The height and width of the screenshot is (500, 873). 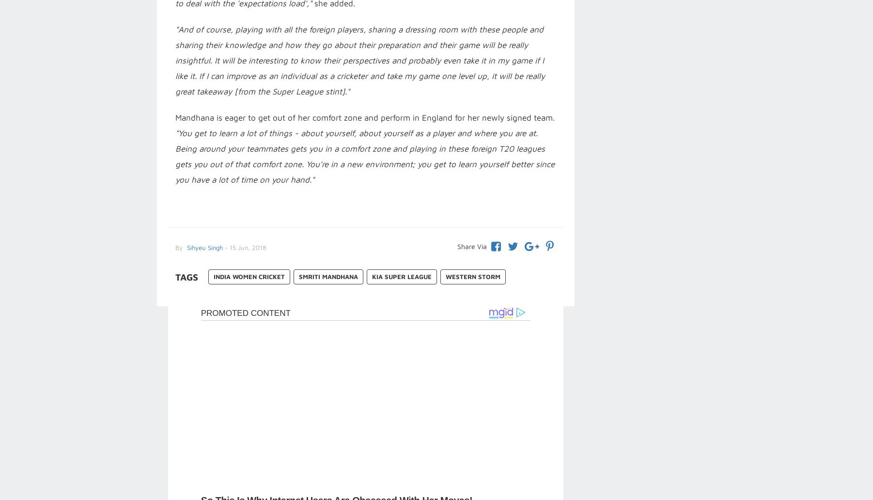 What do you see at coordinates (174, 247) in the screenshot?
I see `'By'` at bounding box center [174, 247].